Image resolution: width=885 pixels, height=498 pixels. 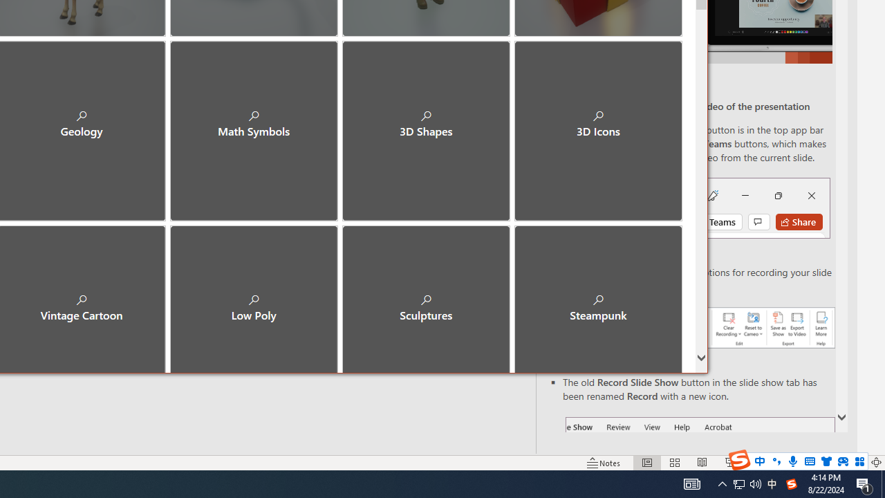 I want to click on '3D Icons', so click(x=598, y=124).